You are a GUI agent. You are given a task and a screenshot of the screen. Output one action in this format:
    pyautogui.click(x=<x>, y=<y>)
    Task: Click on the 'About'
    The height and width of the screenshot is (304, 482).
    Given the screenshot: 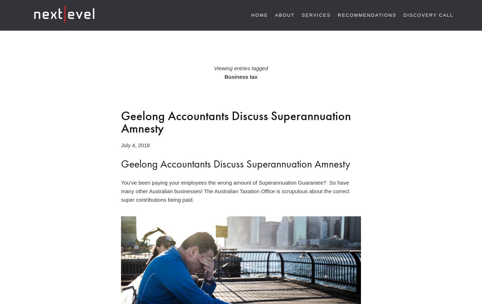 What is the action you would take?
    pyautogui.click(x=275, y=15)
    